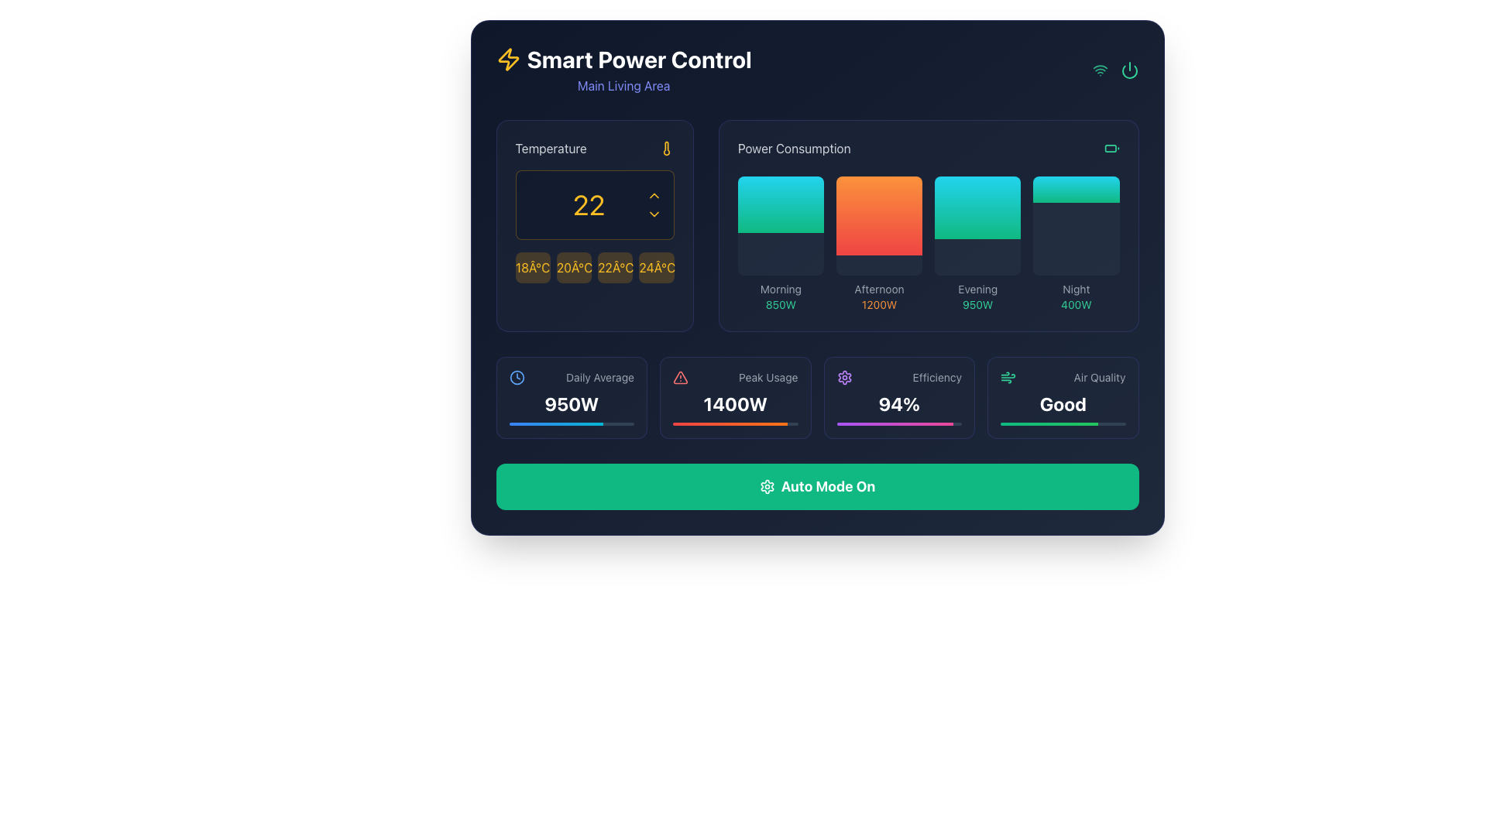 The image size is (1487, 836). What do you see at coordinates (734, 423) in the screenshot?
I see `the Progress bar located at the bottom of the Peak Usage card, which visually represents the peak usage level and is situated directly below the text '1400W'` at bounding box center [734, 423].